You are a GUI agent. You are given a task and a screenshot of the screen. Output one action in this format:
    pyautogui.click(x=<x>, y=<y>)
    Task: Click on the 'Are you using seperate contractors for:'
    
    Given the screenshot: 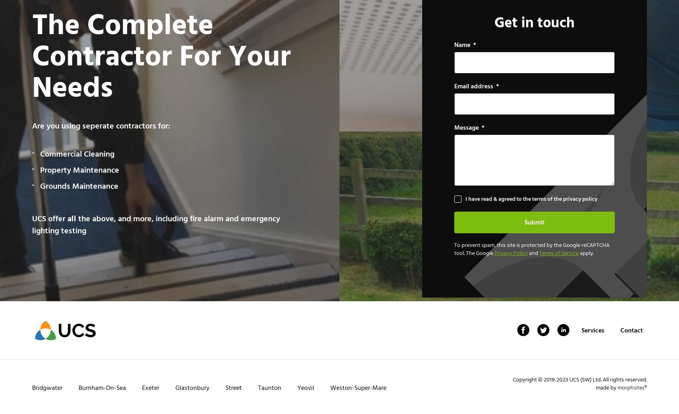 What is the action you would take?
    pyautogui.click(x=101, y=125)
    